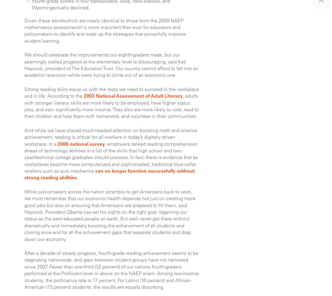 The image size is (332, 296). Describe the element at coordinates (24, 30) in the screenshot. I see `'Given these trendswhich are nearly identical to those from the 2009 NAEP mathematics assessmentit is more important than ever for educators and policymakers to identify and scale up the strategies that powerfully improve student learning.'` at that location.